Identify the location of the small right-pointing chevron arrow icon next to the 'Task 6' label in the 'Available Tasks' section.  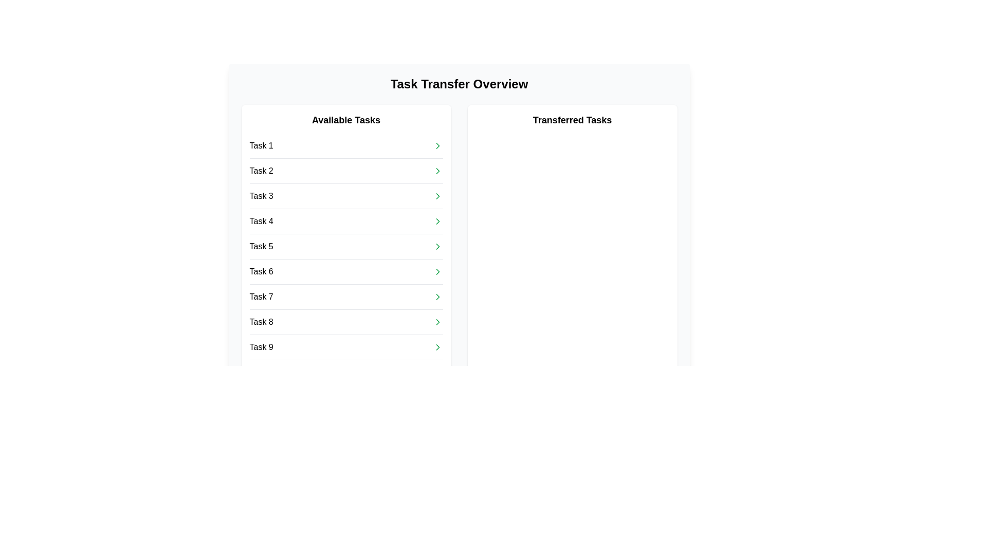
(437, 271).